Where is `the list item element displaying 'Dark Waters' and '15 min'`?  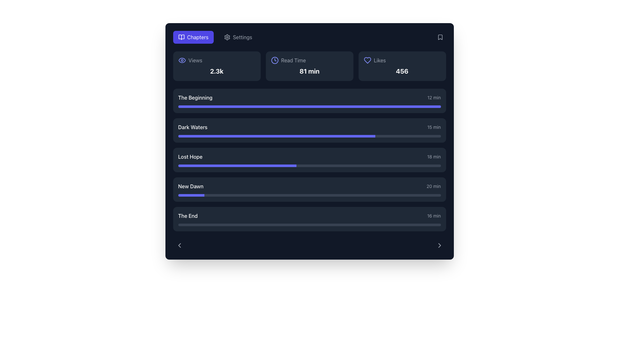
the list item element displaying 'Dark Waters' and '15 min' is located at coordinates (309, 127).